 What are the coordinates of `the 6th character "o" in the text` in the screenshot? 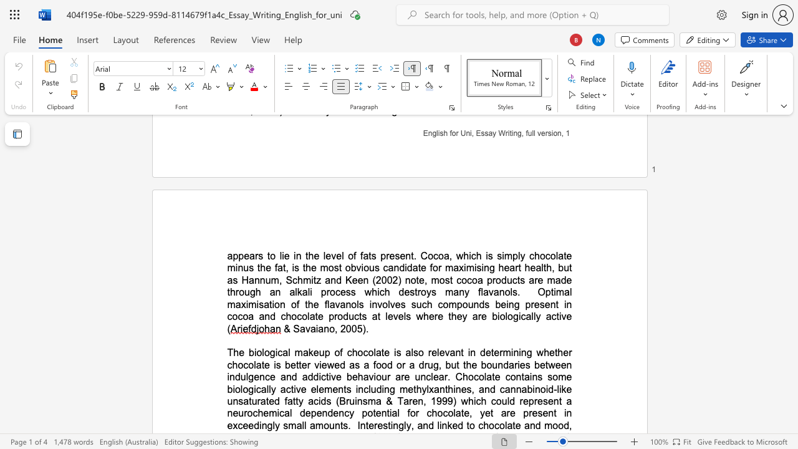 It's located at (464, 304).